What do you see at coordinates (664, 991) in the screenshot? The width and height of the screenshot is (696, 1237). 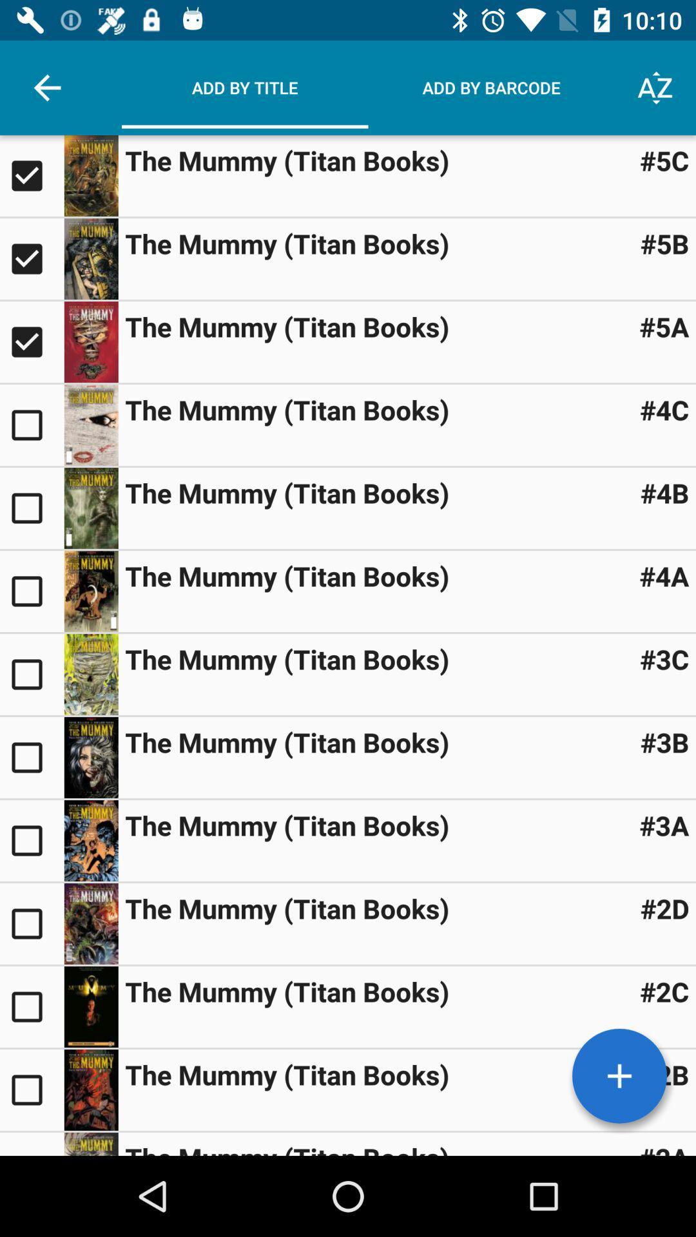 I see `item to the right of the the mummy titan item` at bounding box center [664, 991].